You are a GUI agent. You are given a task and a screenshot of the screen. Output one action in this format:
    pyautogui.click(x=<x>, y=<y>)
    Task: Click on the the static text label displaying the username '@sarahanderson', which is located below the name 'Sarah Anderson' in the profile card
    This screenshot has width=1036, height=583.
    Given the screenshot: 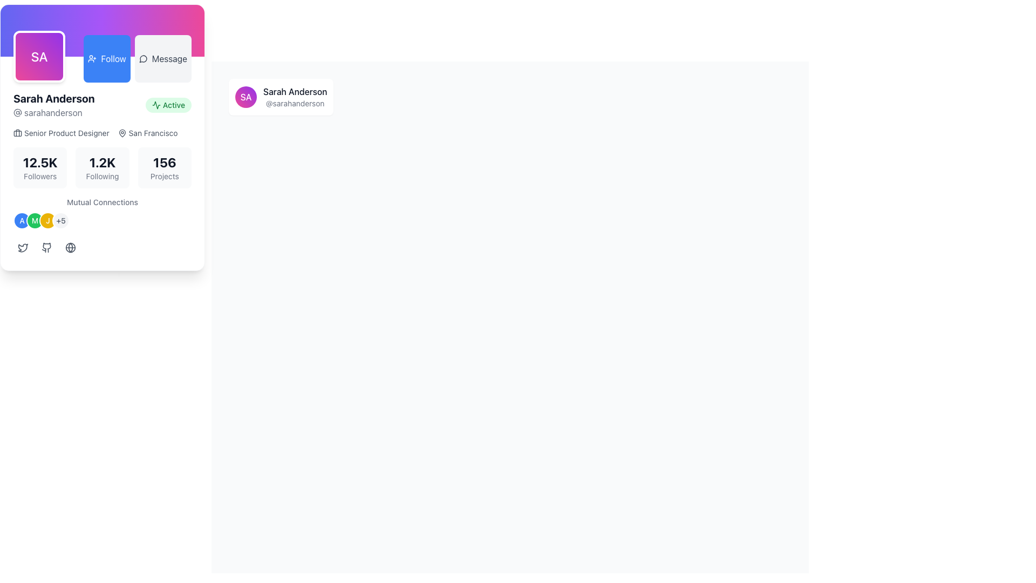 What is the action you would take?
    pyautogui.click(x=53, y=112)
    